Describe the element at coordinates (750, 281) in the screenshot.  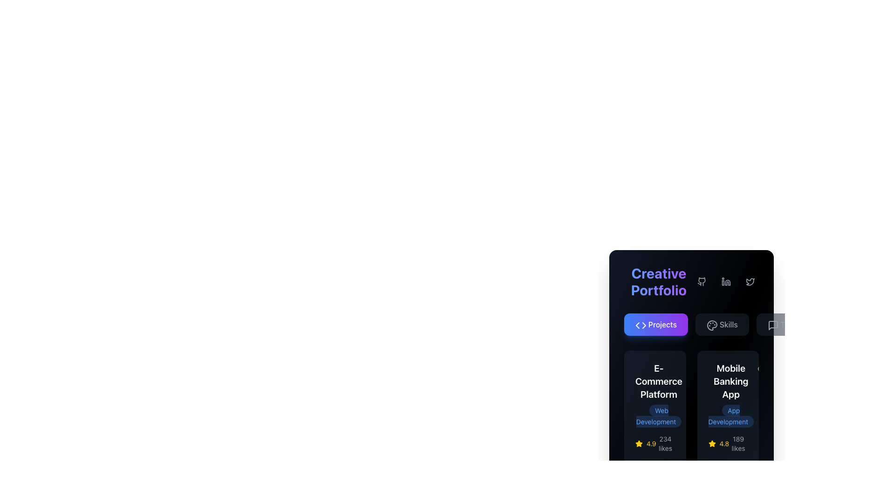
I see `the leftmost social media icon located at the top-right corner of the panel` at that location.